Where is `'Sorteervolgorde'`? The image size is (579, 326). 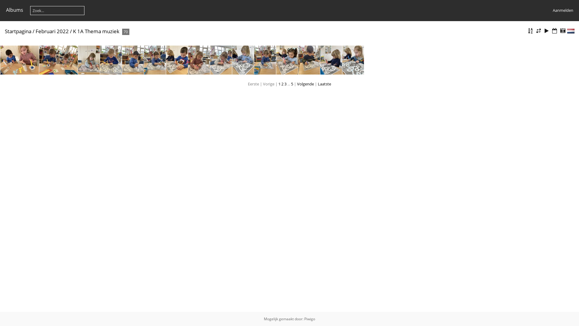
'Sorteervolgorde' is located at coordinates (530, 31).